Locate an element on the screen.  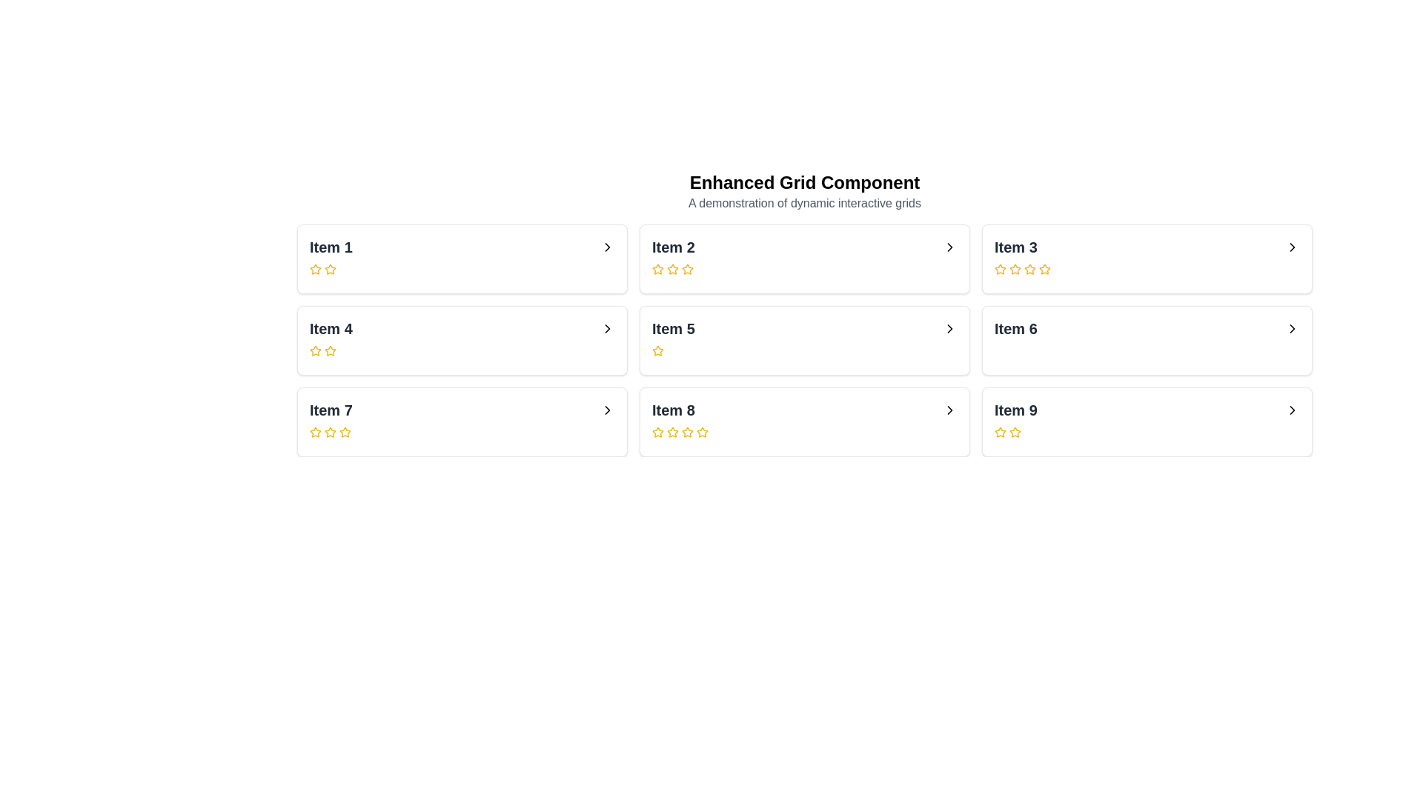
the text label located in the second row and second column of the 3x3 grid layout, which serves as a title or label for its respective grid item is located at coordinates (672, 327).